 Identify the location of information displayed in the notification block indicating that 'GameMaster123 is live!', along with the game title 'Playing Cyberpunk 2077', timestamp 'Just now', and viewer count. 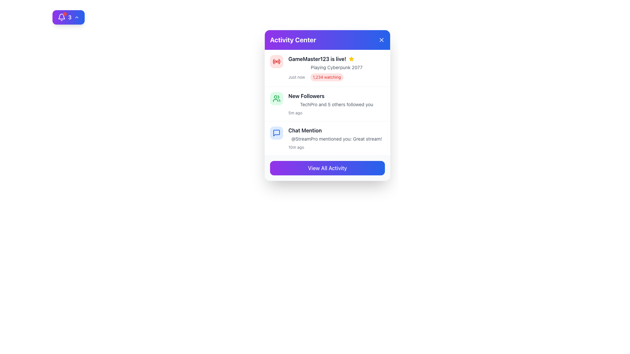
(327, 68).